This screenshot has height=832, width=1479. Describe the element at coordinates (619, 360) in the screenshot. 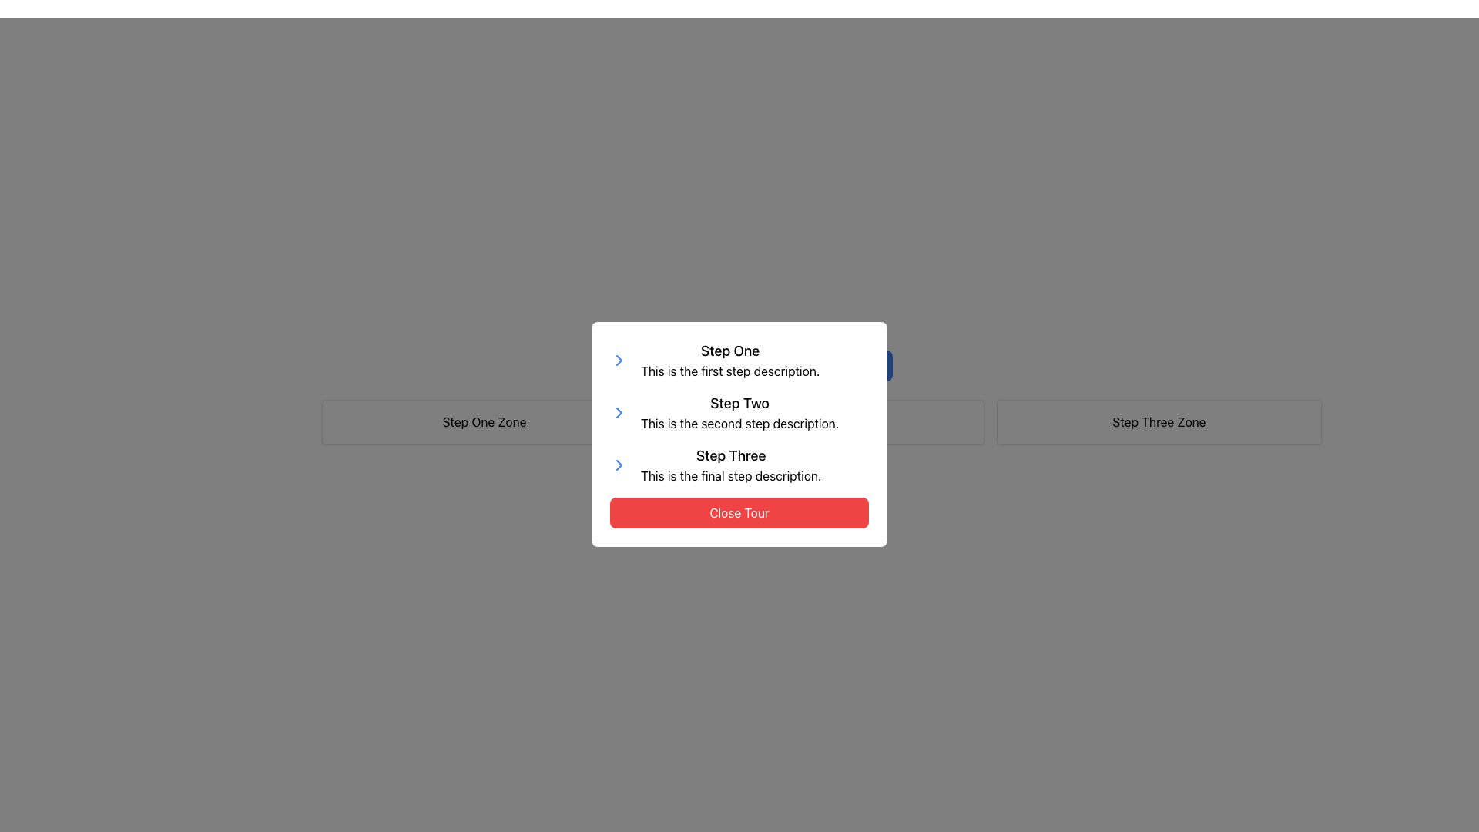

I see `the right-pointing chevron-shaped icon next to the 'Step Two' text` at that location.